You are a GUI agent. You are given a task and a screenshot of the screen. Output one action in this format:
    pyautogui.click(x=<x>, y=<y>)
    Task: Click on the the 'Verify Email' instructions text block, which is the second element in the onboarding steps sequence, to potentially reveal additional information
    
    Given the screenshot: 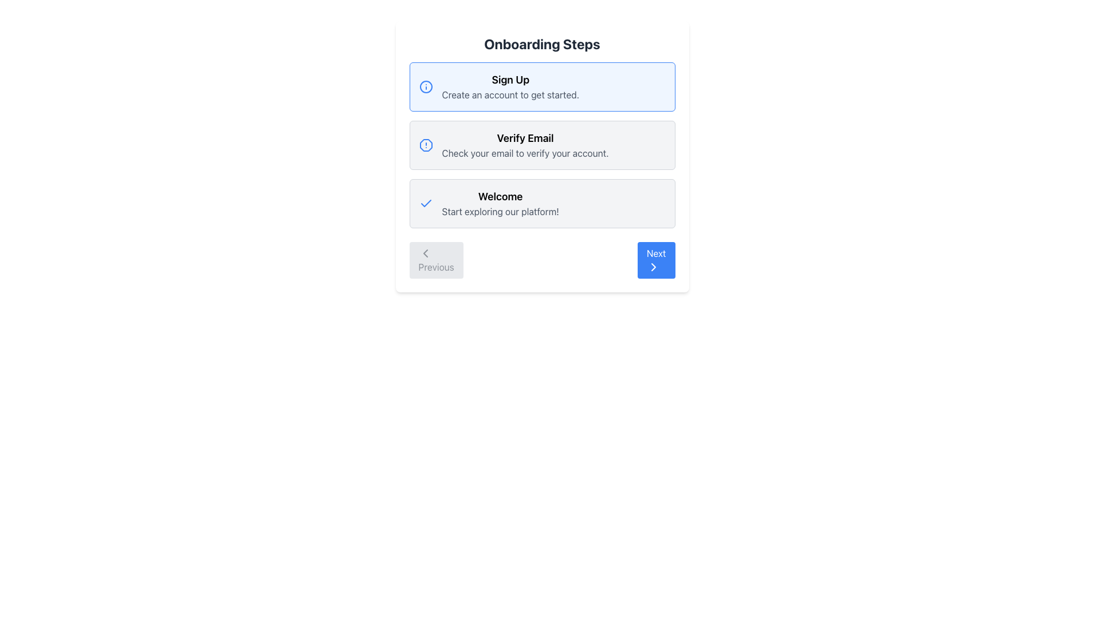 What is the action you would take?
    pyautogui.click(x=541, y=145)
    